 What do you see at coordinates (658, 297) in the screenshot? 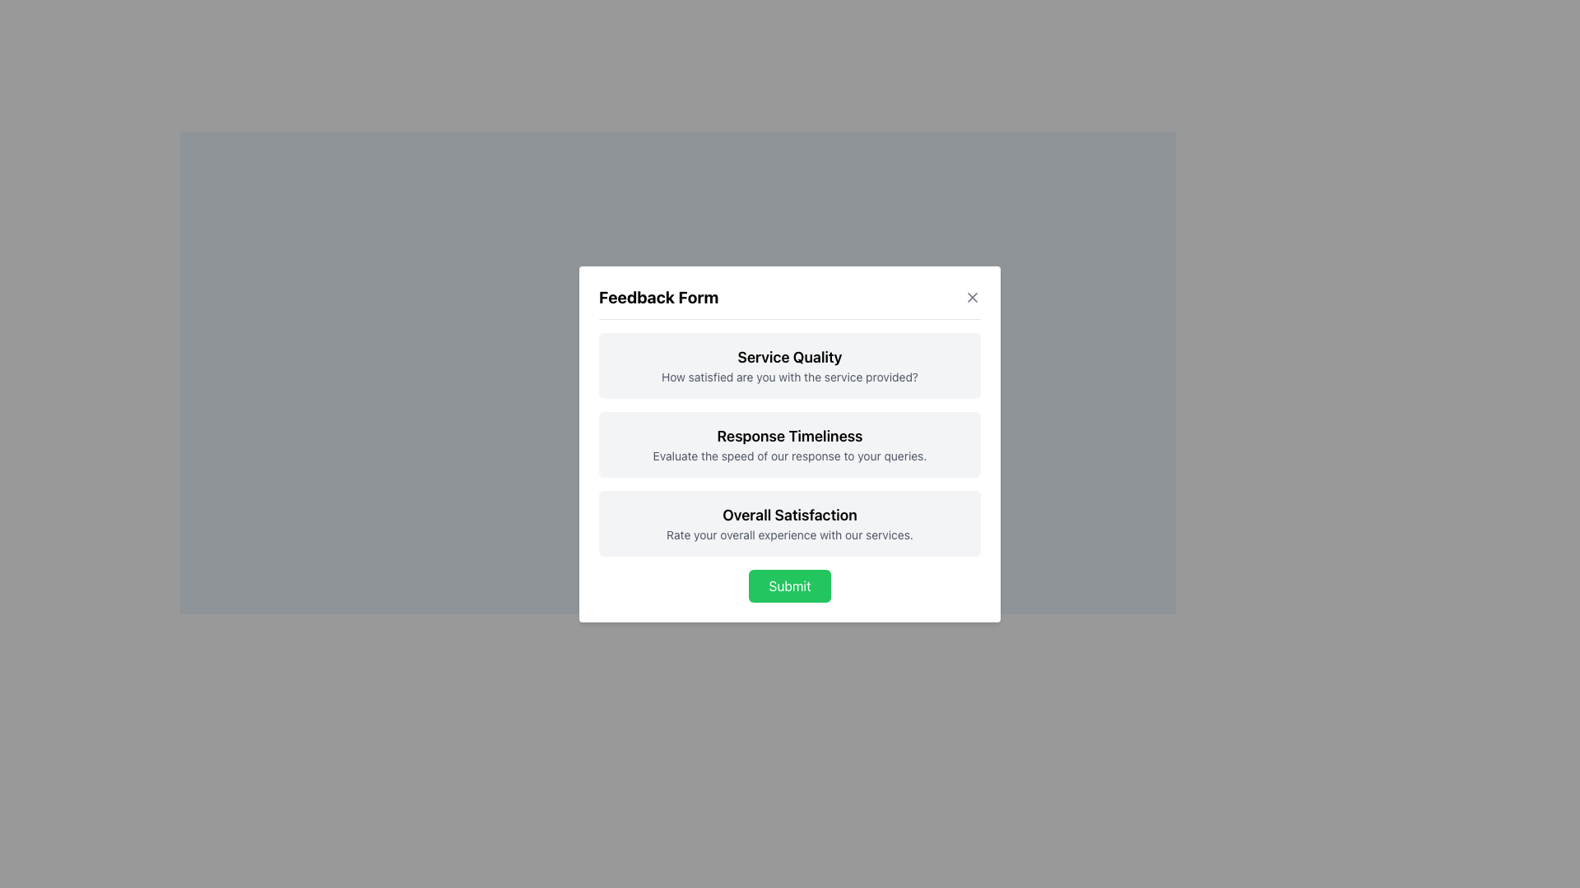
I see `static text element that serves as the title for the feedback modal, located at the top-left corner of the modal dialog` at bounding box center [658, 297].